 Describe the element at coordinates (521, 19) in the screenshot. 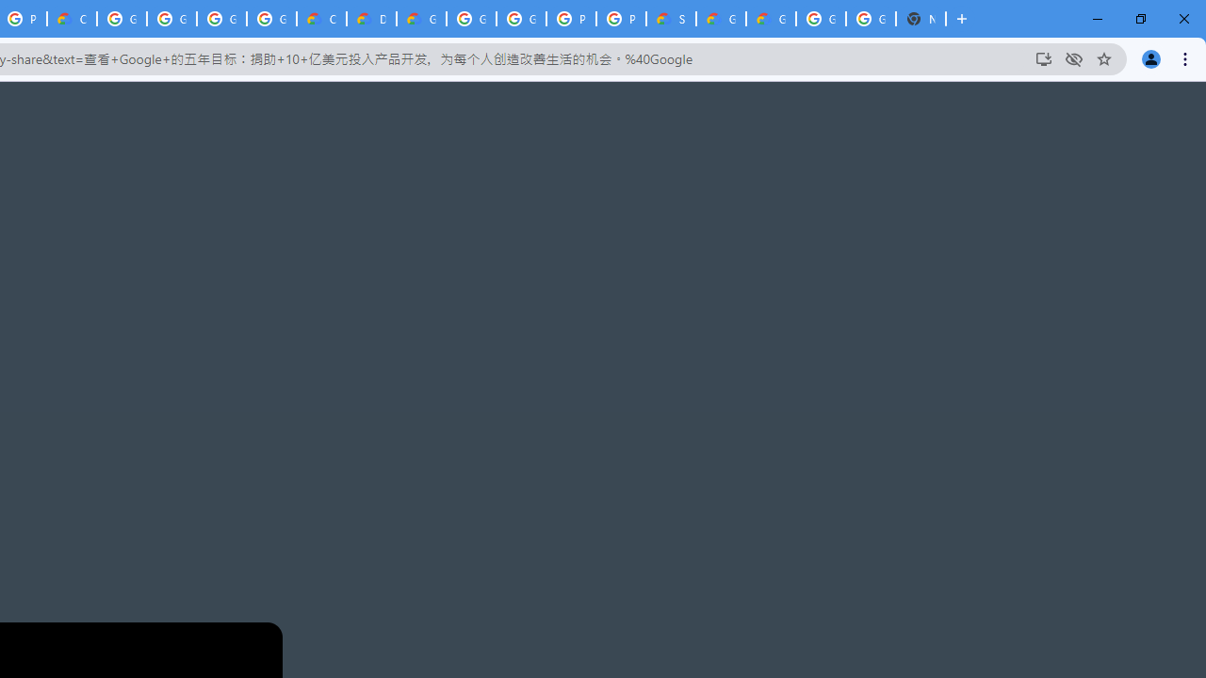

I see `'Google Cloud Platform'` at that location.